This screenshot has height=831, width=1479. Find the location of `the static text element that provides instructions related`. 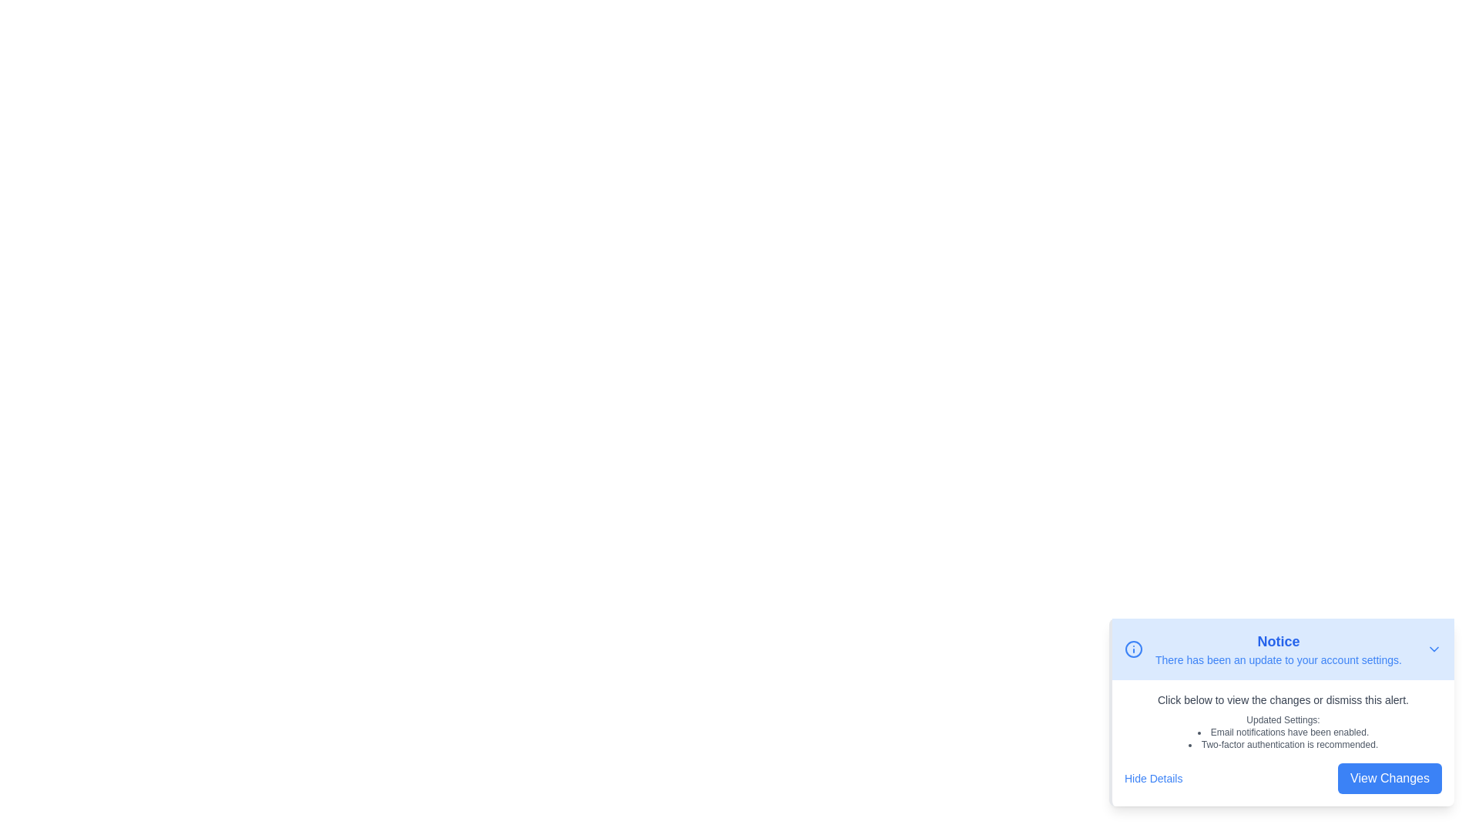

the static text element that provides instructions related is located at coordinates (1283, 700).